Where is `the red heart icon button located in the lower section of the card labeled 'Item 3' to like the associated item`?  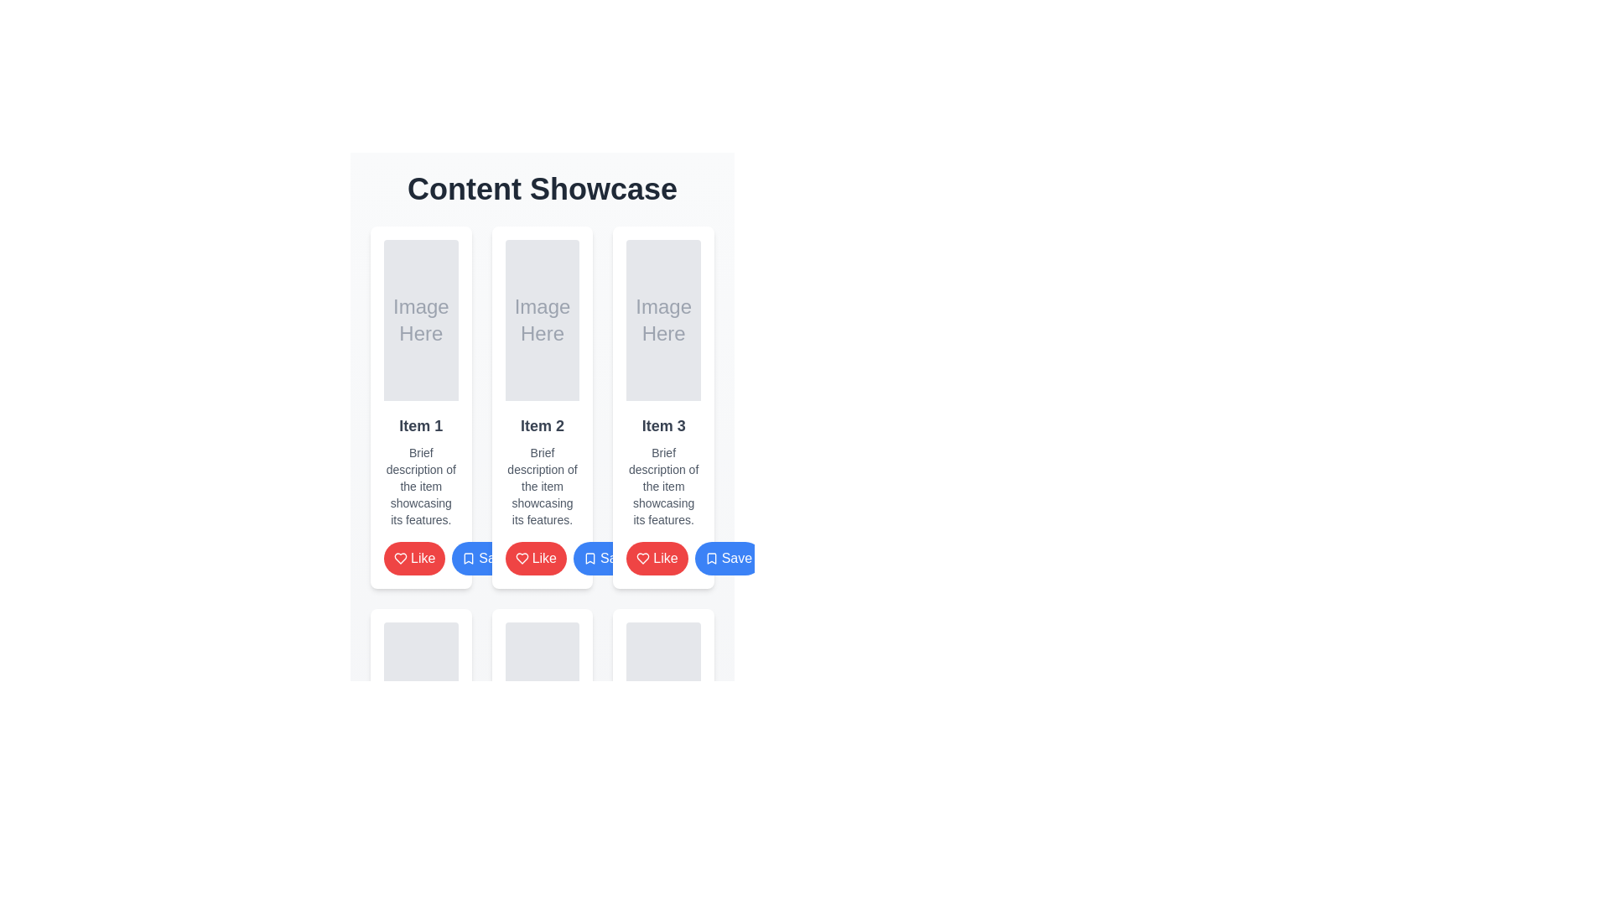 the red heart icon button located in the lower section of the card labeled 'Item 3' to like the associated item is located at coordinates (642, 559).